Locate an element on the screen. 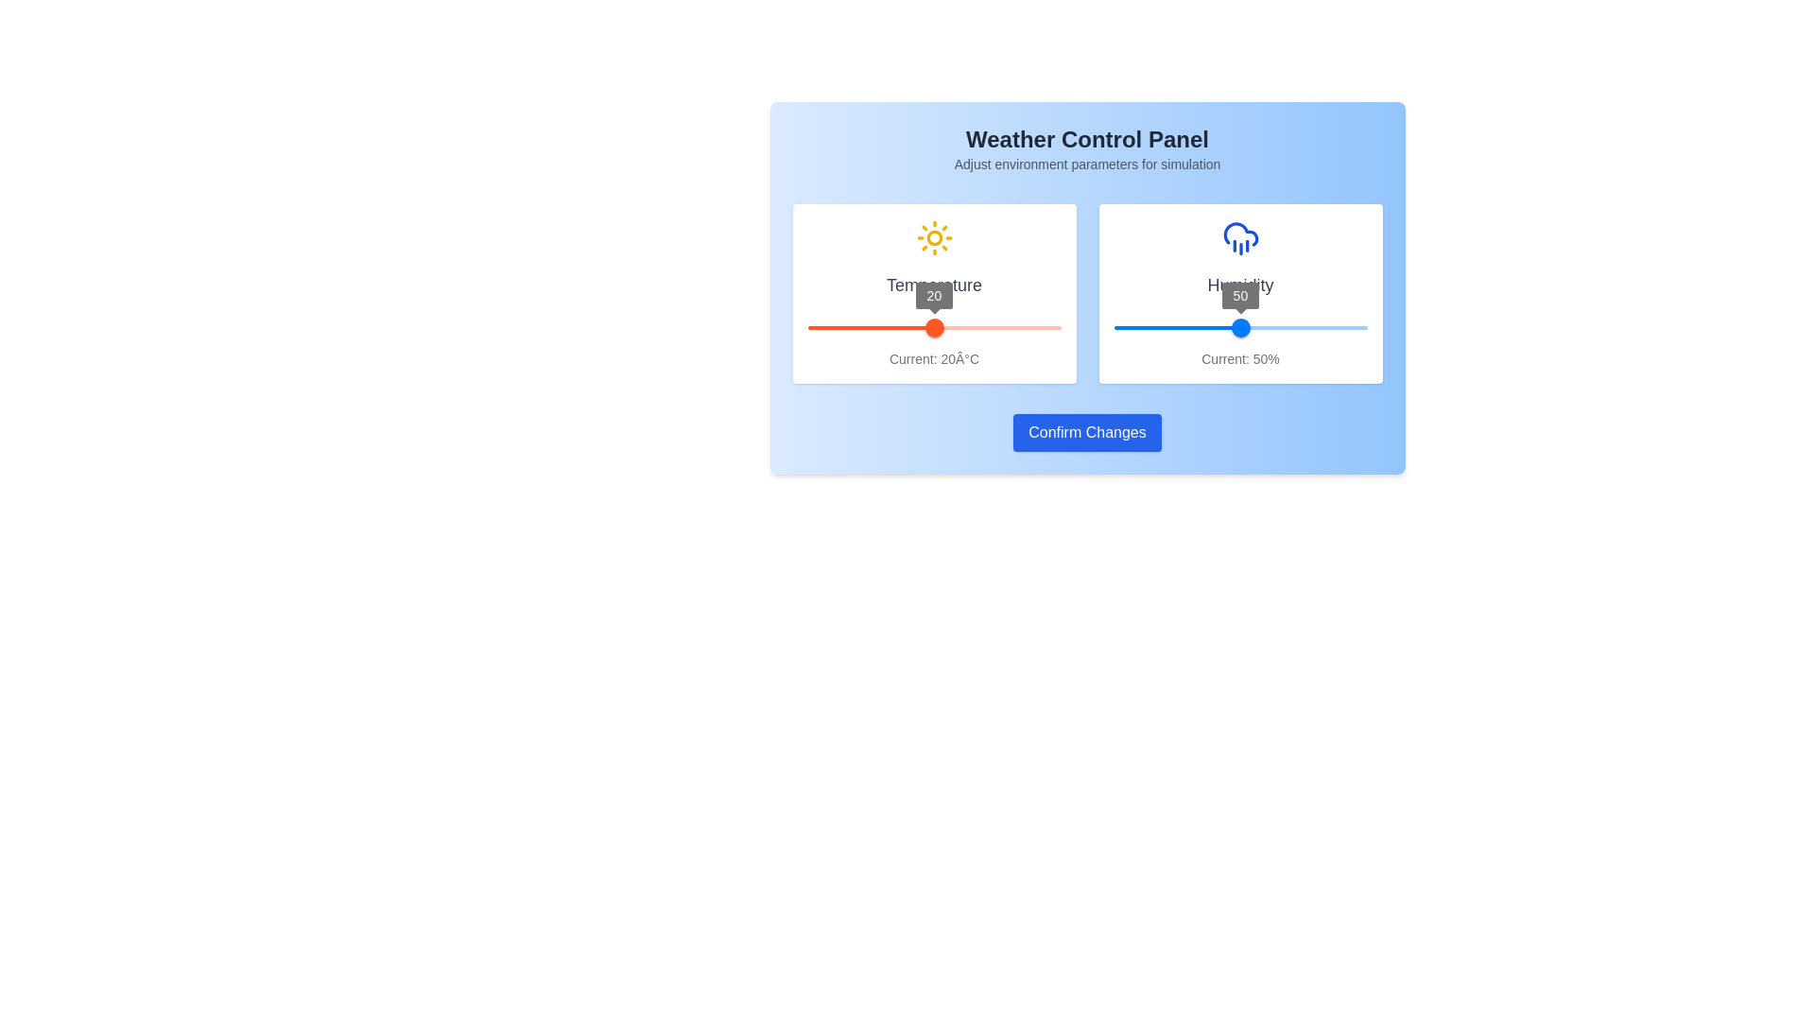 The width and height of the screenshot is (1815, 1021). text label displaying 'Current: 50%' which indicates the current humidity level, located below the humidity slider is located at coordinates (1240, 359).